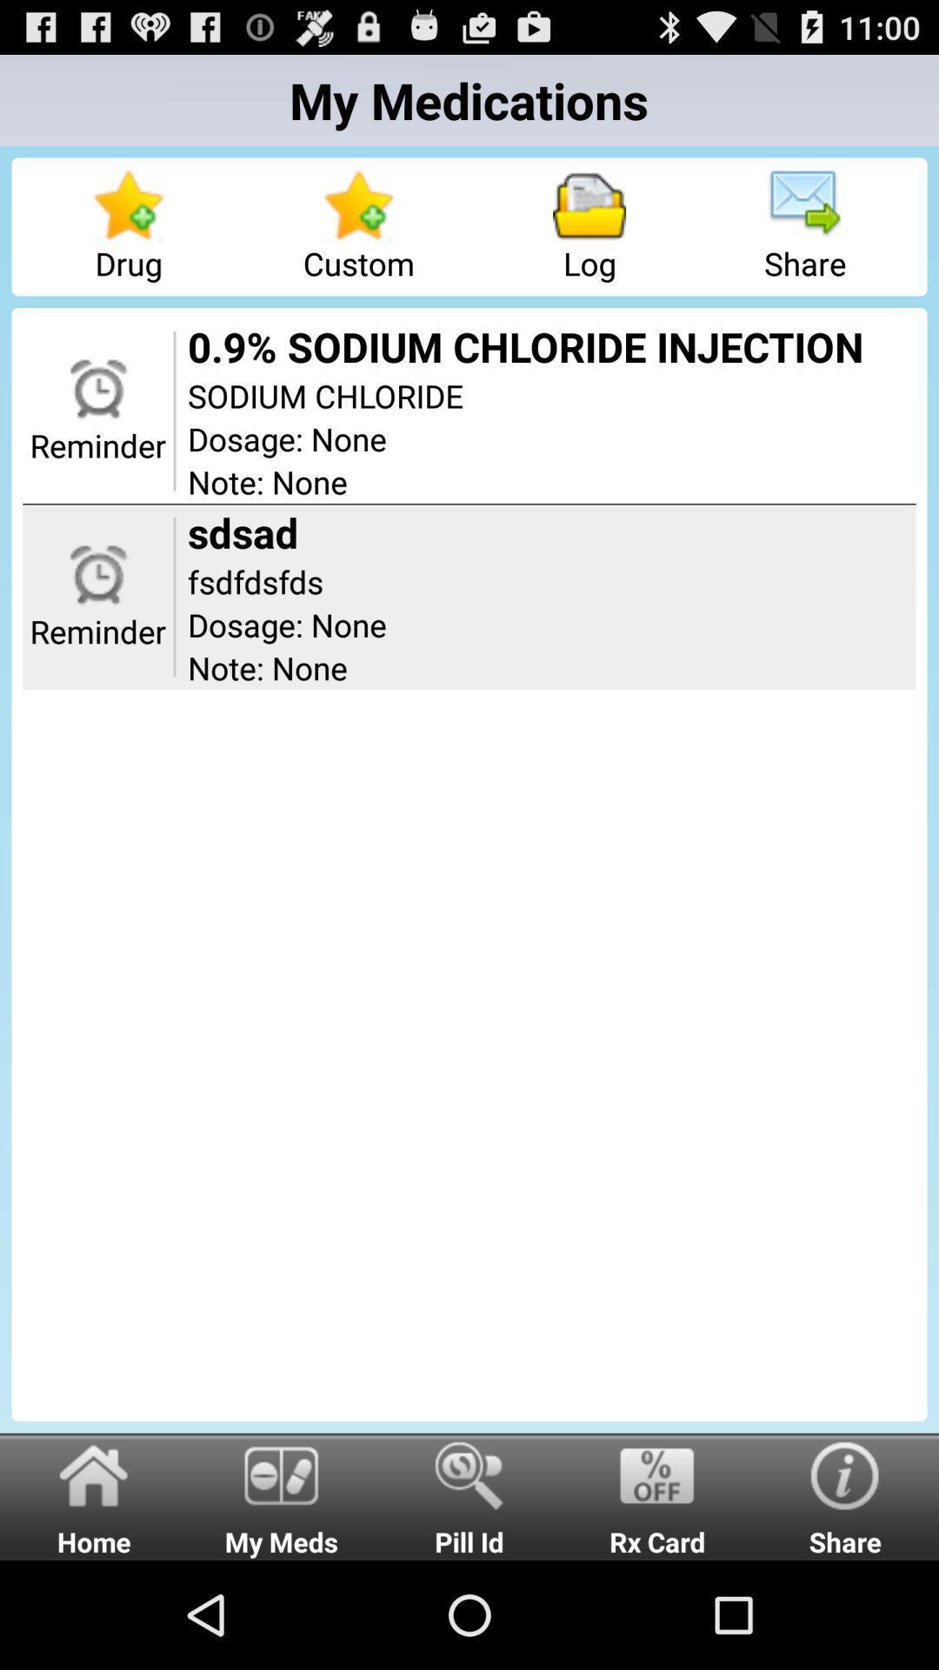  I want to click on item below note: none icon, so click(281, 1495).